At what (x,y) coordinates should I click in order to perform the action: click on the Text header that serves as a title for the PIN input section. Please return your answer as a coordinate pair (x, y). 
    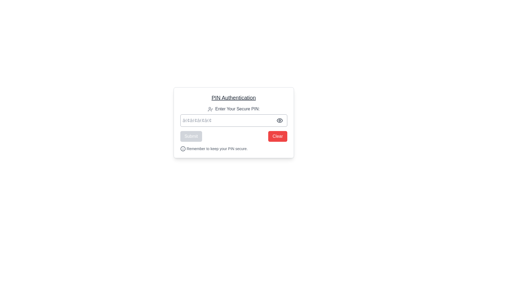
    Looking at the image, I should click on (234, 97).